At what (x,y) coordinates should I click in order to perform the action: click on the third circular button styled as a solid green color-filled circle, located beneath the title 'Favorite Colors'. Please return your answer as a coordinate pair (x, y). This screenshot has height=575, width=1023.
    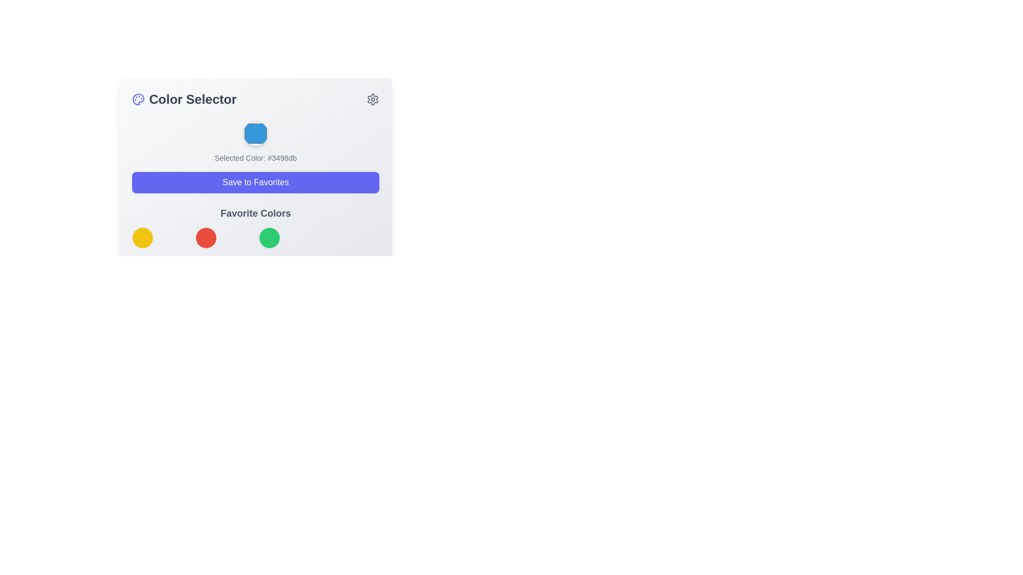
    Looking at the image, I should click on (256, 237).